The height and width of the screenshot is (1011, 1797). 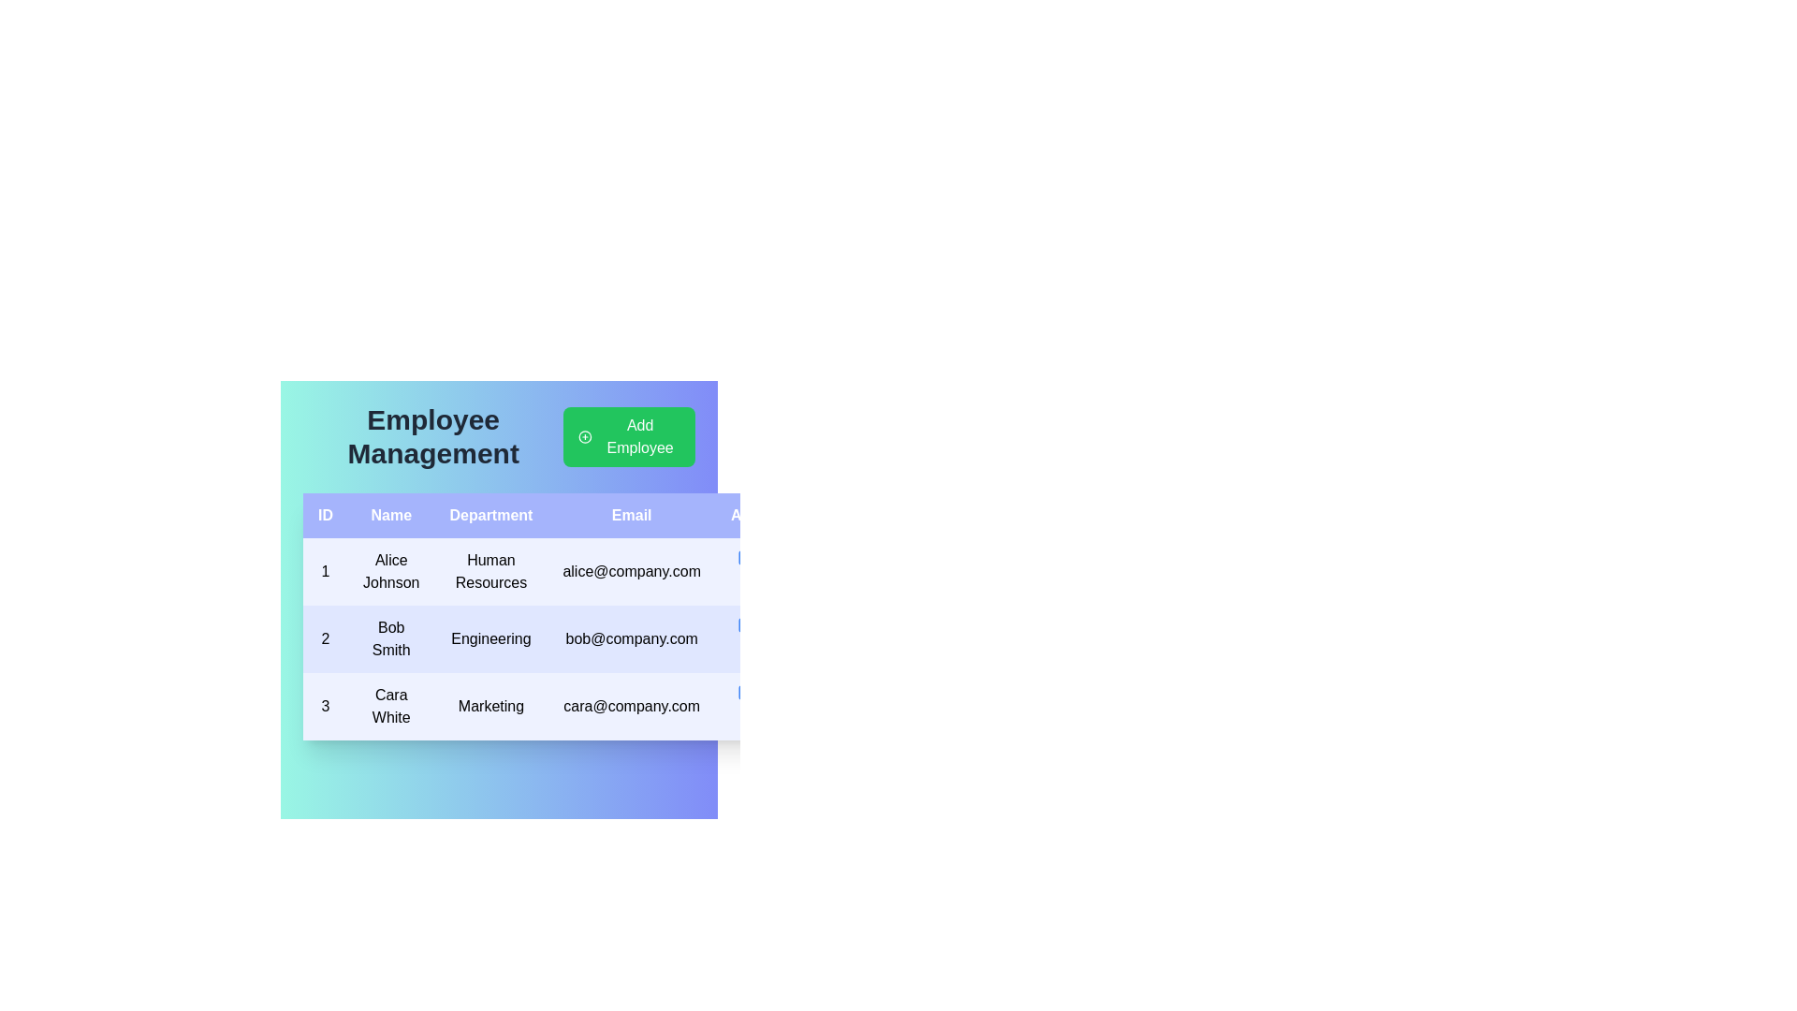 What do you see at coordinates (325, 570) in the screenshot?
I see `the static text field representing the ID number of the first entry in the 'Employee Management' table, located in the top-left corner of the data grid` at bounding box center [325, 570].